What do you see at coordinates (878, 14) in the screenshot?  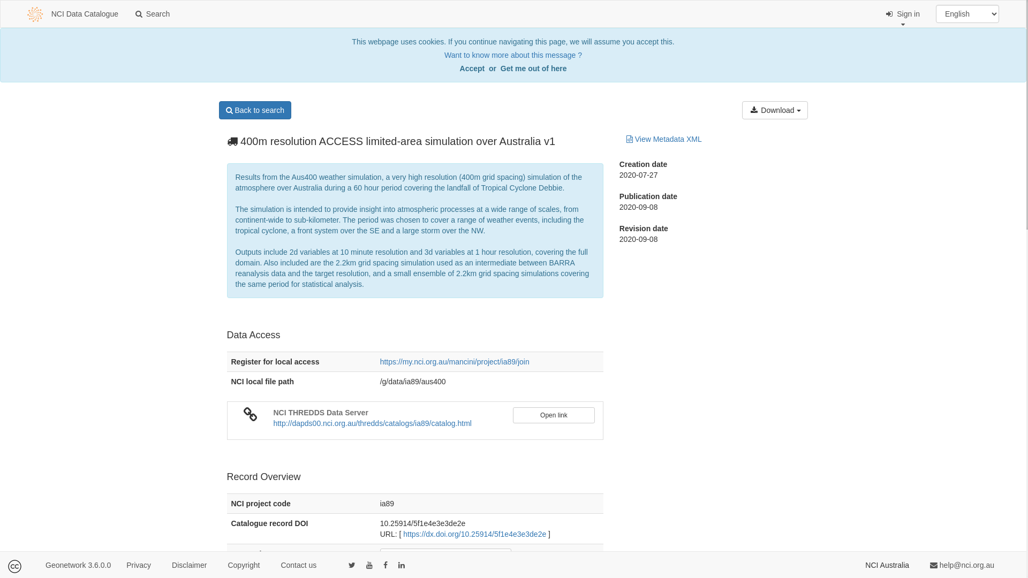 I see `'  Sign in'` at bounding box center [878, 14].